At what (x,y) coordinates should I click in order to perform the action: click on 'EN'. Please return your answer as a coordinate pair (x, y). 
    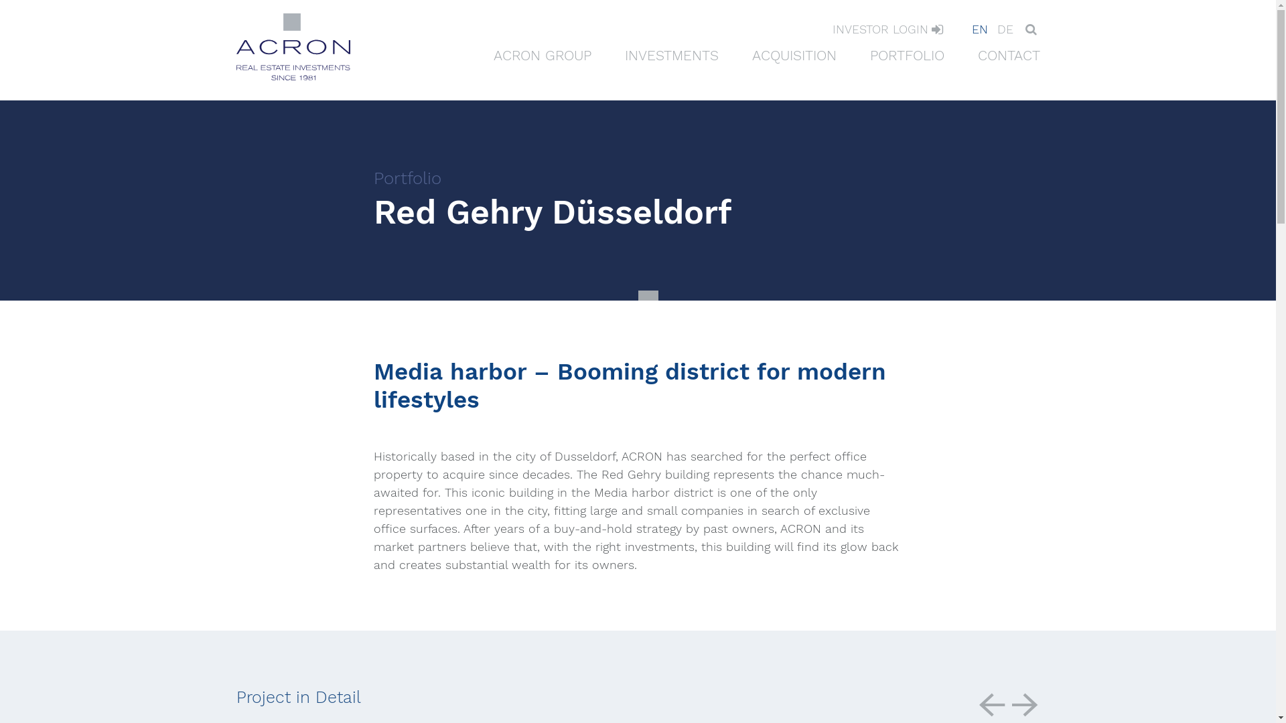
    Looking at the image, I should click on (971, 29).